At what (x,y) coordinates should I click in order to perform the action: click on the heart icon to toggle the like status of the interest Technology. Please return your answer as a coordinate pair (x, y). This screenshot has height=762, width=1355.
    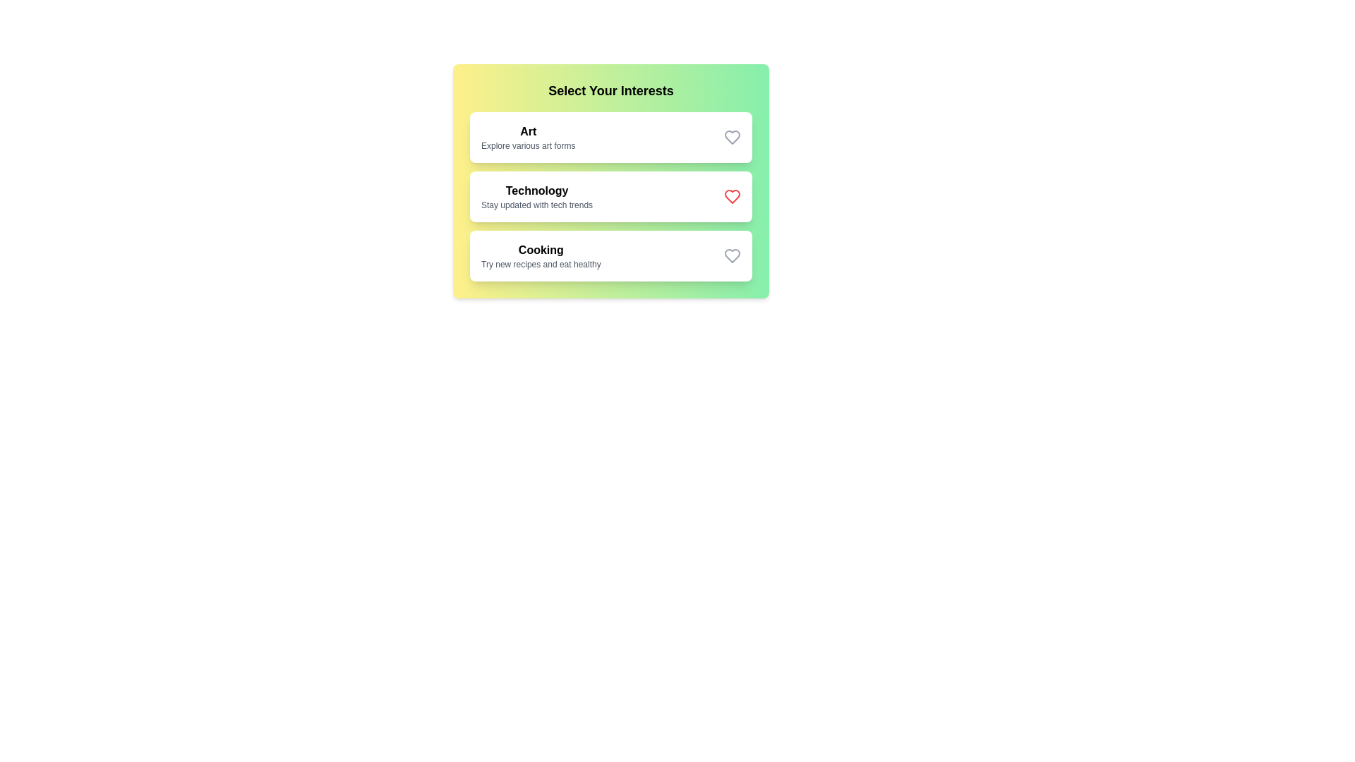
    Looking at the image, I should click on (732, 196).